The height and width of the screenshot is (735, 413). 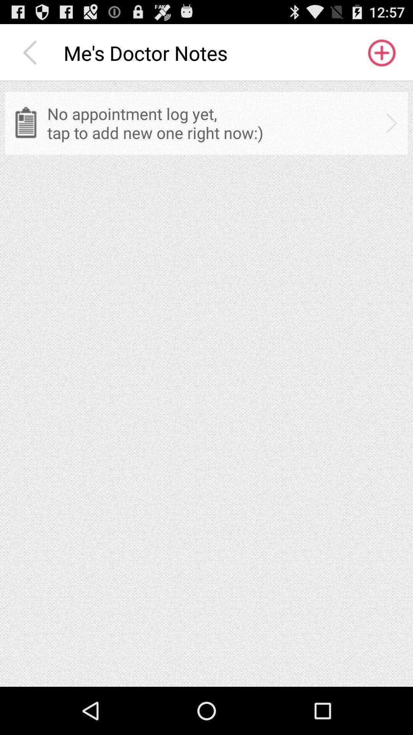 What do you see at coordinates (381, 56) in the screenshot?
I see `the add icon` at bounding box center [381, 56].